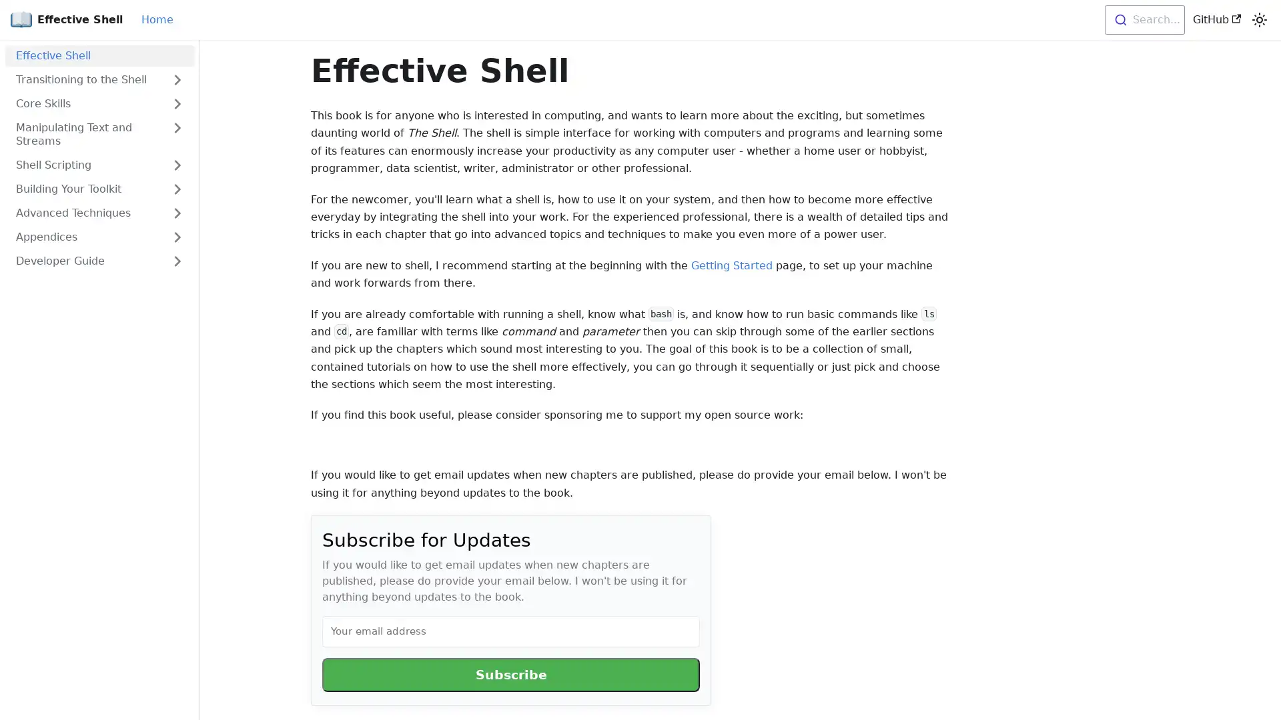 The image size is (1281, 720). Describe the element at coordinates (176, 213) in the screenshot. I see `Toggle the collapsible sidebar category 'Advanced Techniques'` at that location.